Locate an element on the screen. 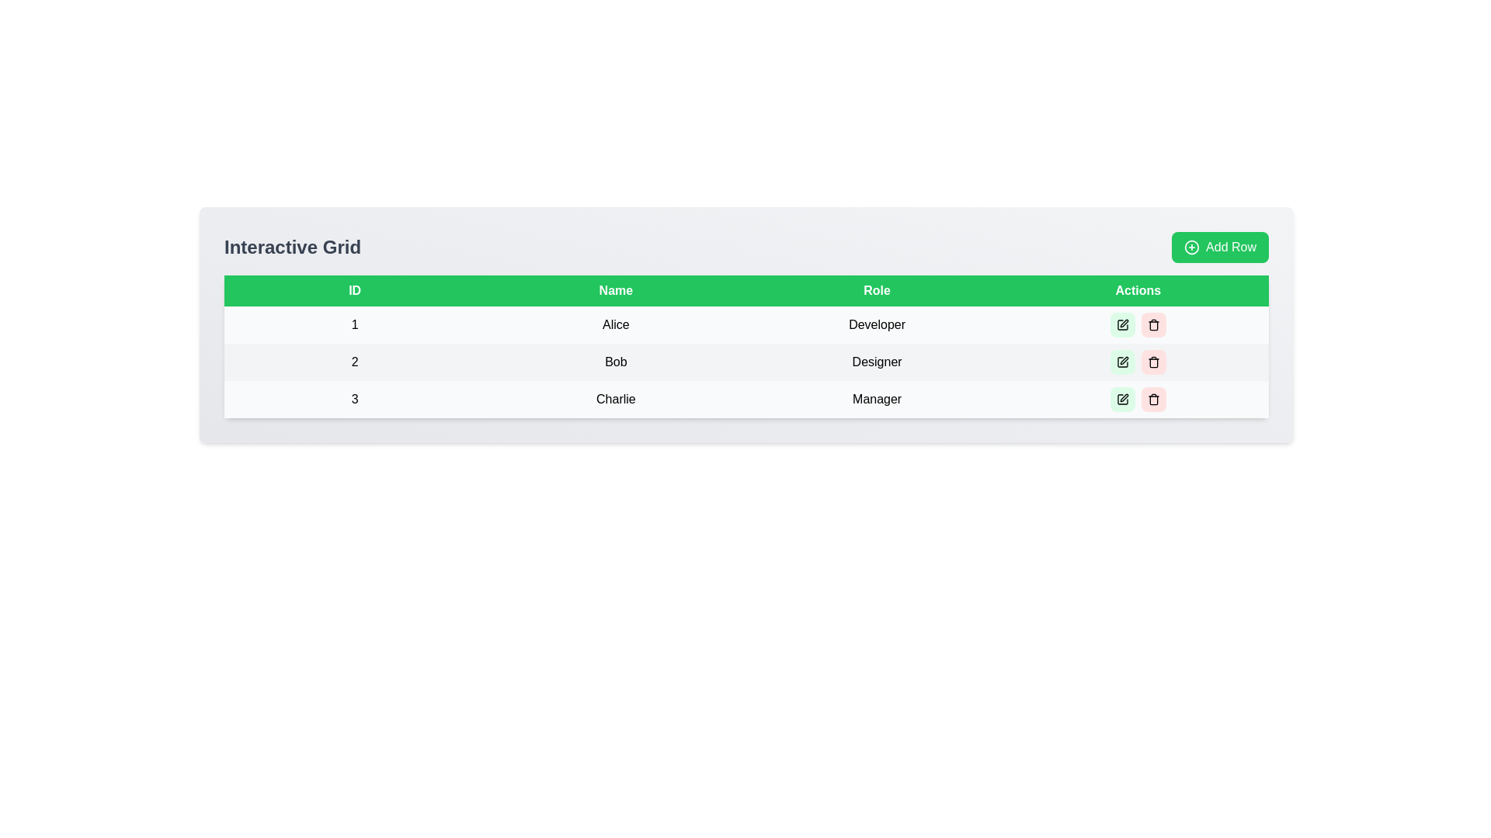 This screenshot has width=1491, height=838. the text label displaying the name 'Bob' in the second row of the table under the 'Name' column is located at coordinates (615, 362).